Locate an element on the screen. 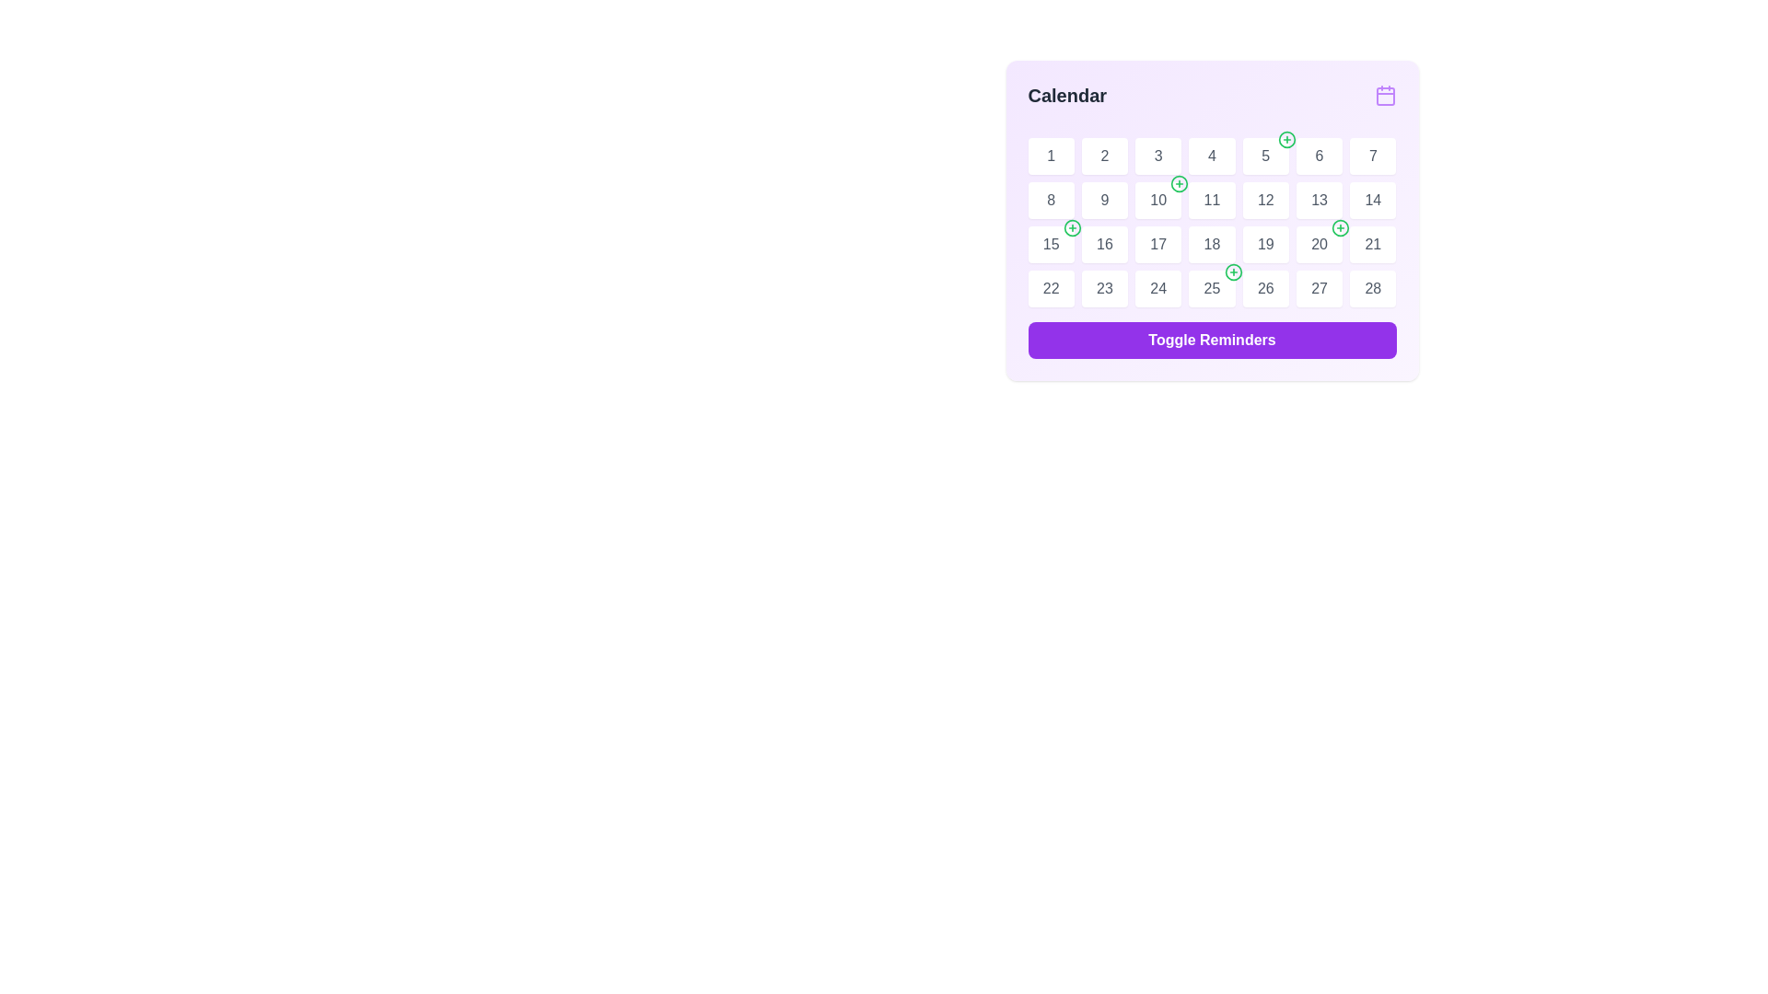  the numeral '17' which is styled in light gray and located in the third row, third column of the calendar grid is located at coordinates (1157, 243).